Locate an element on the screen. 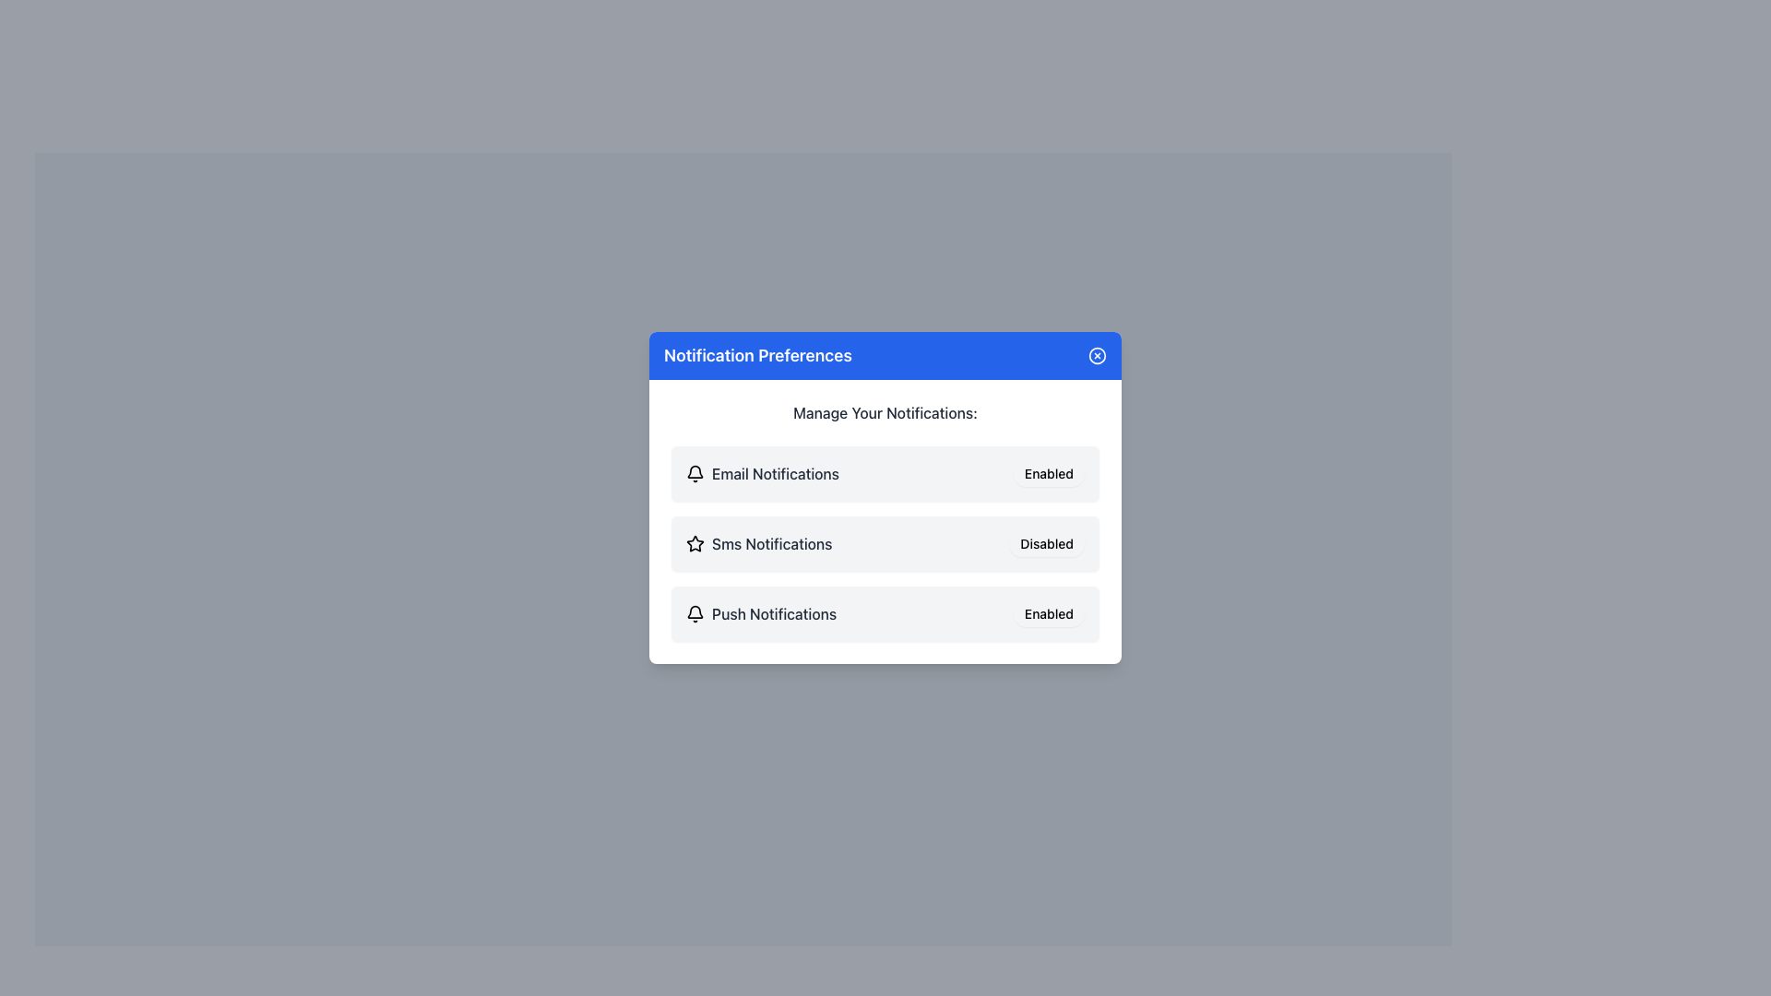 The width and height of the screenshot is (1771, 996). the small circle icon representing a delete or cancel action located is located at coordinates (1098, 355).